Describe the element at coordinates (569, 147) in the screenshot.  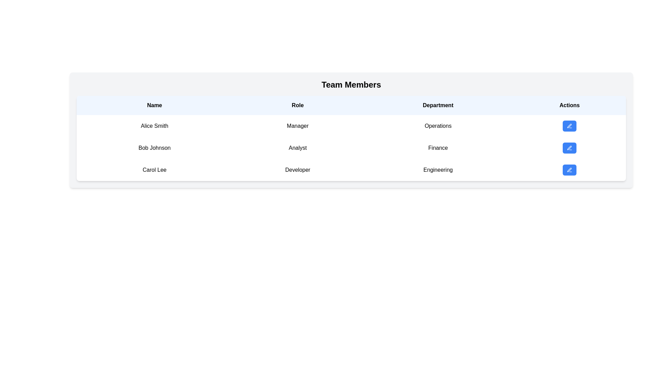
I see `the blue edit icon resembling a pen next to user 'Bob Johnson' in the 'Actions' column of the table to initiate editing` at that location.